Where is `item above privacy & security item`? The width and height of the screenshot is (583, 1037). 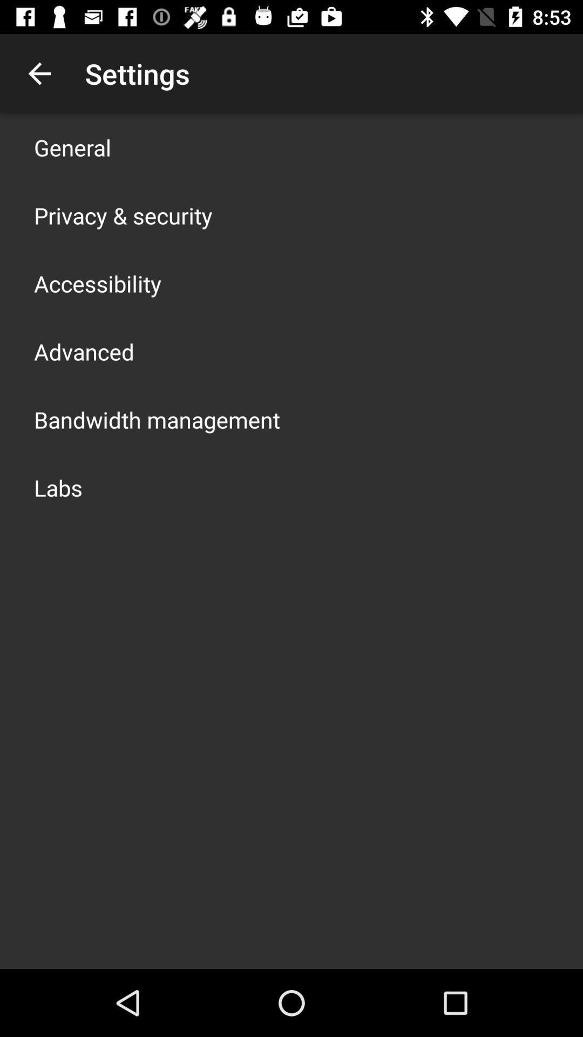 item above privacy & security item is located at coordinates (72, 147).